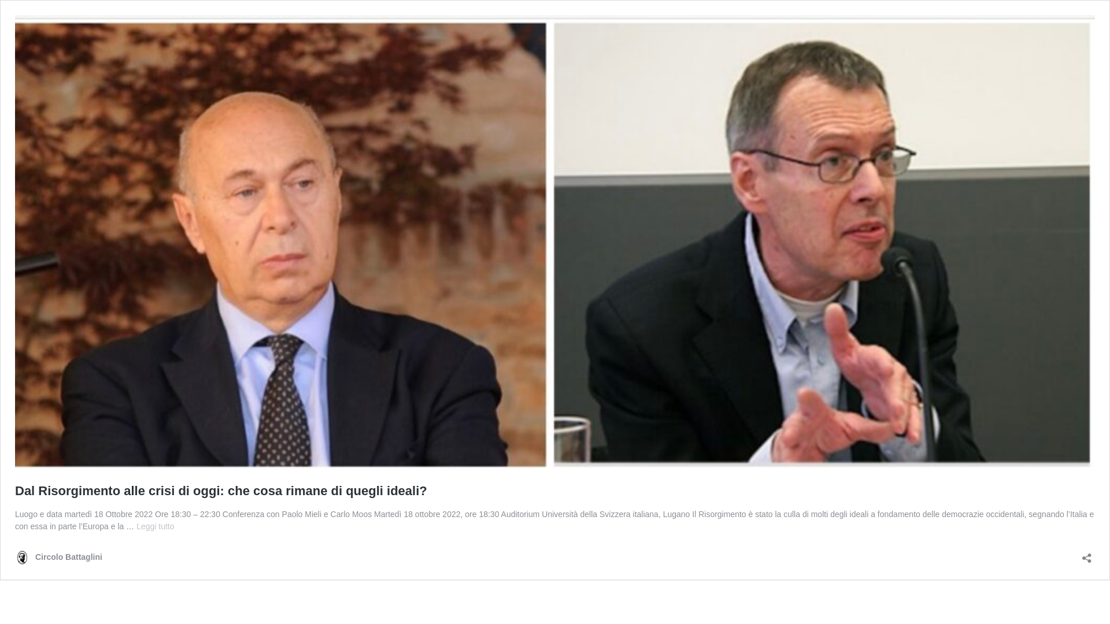 Image resolution: width=1110 pixels, height=624 pixels. What do you see at coordinates (14, 556) in the screenshot?
I see `'Circolo Battaglini'` at bounding box center [14, 556].